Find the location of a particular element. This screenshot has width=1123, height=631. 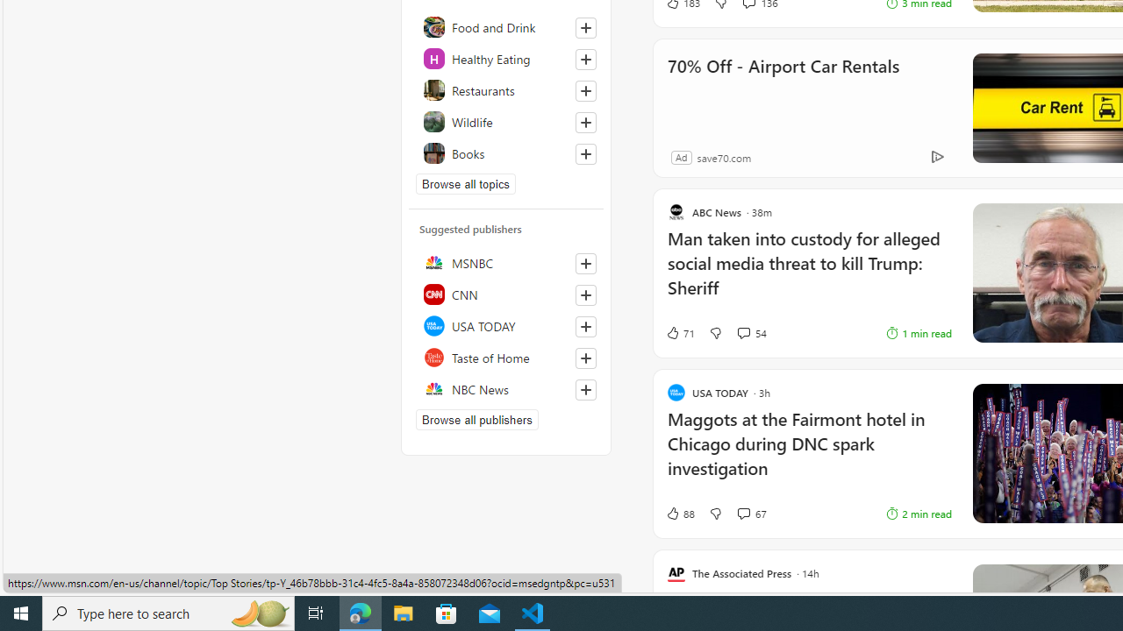

'Restaurants' is located at coordinates (505, 89).